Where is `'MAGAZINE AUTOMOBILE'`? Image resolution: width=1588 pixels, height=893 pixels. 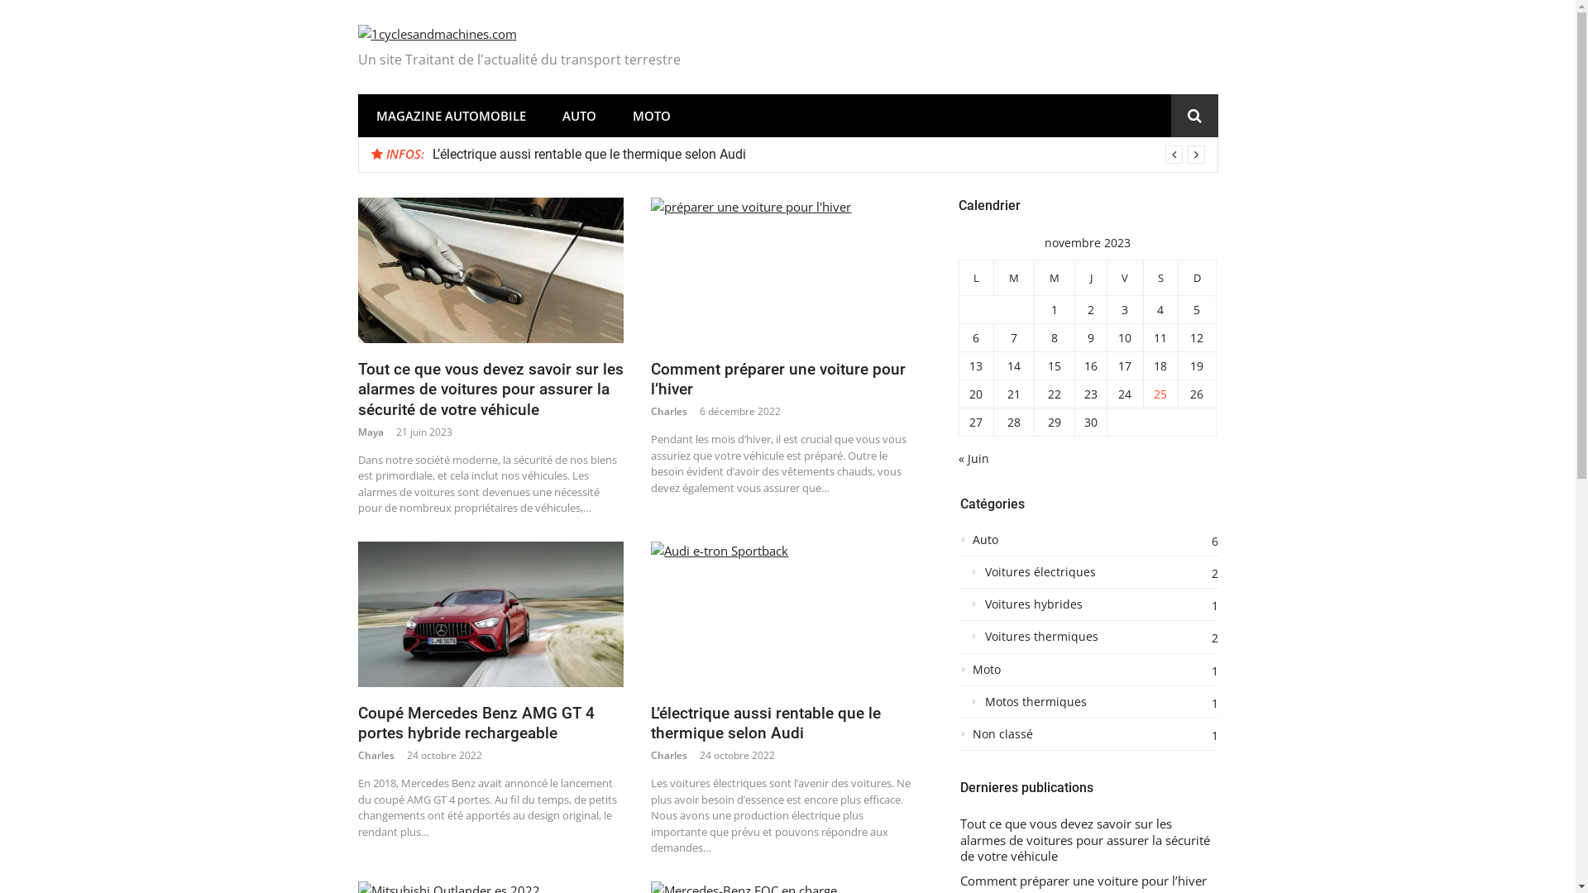 'MAGAZINE AUTOMOBILE' is located at coordinates (450, 115).